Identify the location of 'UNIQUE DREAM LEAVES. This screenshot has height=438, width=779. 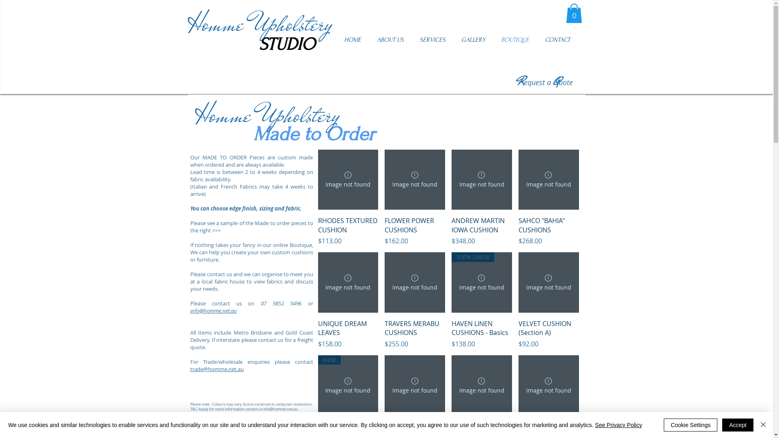
(348, 334).